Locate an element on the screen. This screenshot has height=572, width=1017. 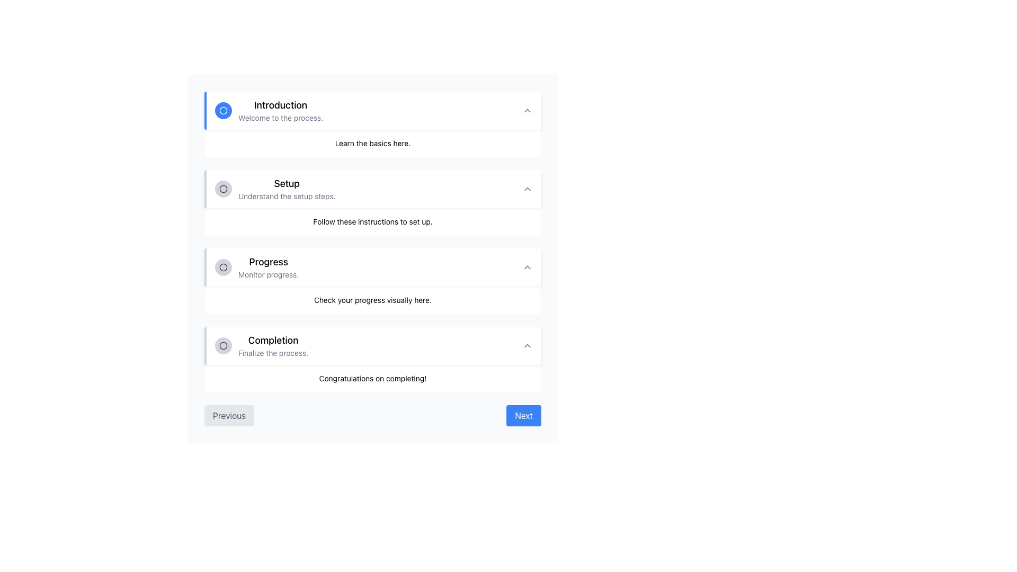
the visual indicator icon associated with the 'Introduction' step in the vertically arranged list of steps is located at coordinates (223, 110).